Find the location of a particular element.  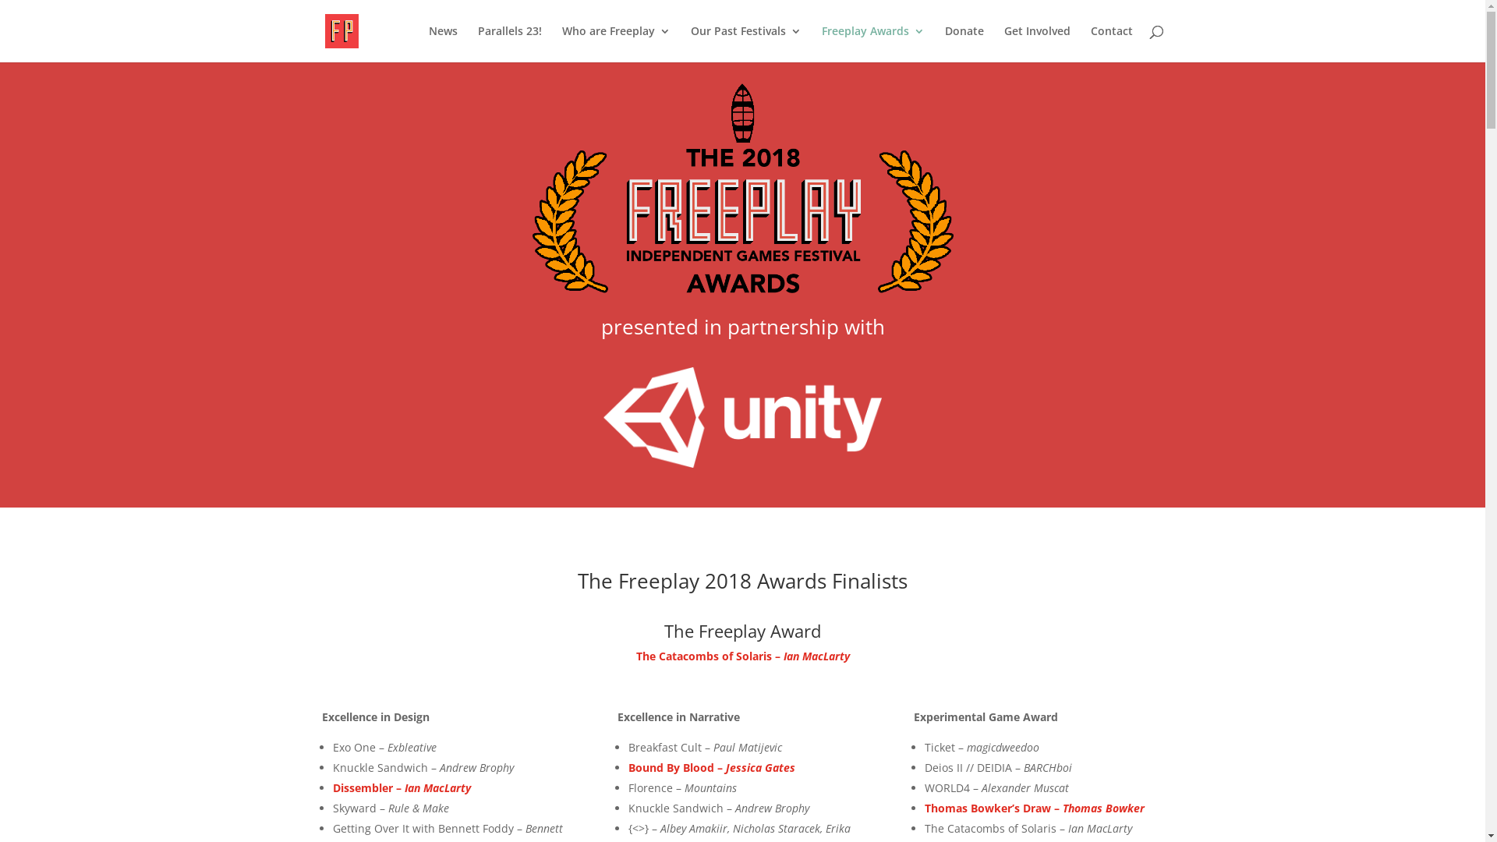

'Get Involved' is located at coordinates (1003, 43).